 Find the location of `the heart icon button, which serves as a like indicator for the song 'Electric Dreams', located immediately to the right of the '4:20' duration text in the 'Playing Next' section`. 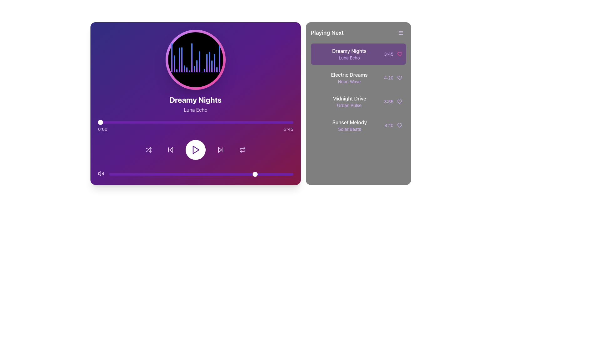

the heart icon button, which serves as a like indicator for the song 'Electric Dreams', located immediately to the right of the '4:20' duration text in the 'Playing Next' section is located at coordinates (399, 78).